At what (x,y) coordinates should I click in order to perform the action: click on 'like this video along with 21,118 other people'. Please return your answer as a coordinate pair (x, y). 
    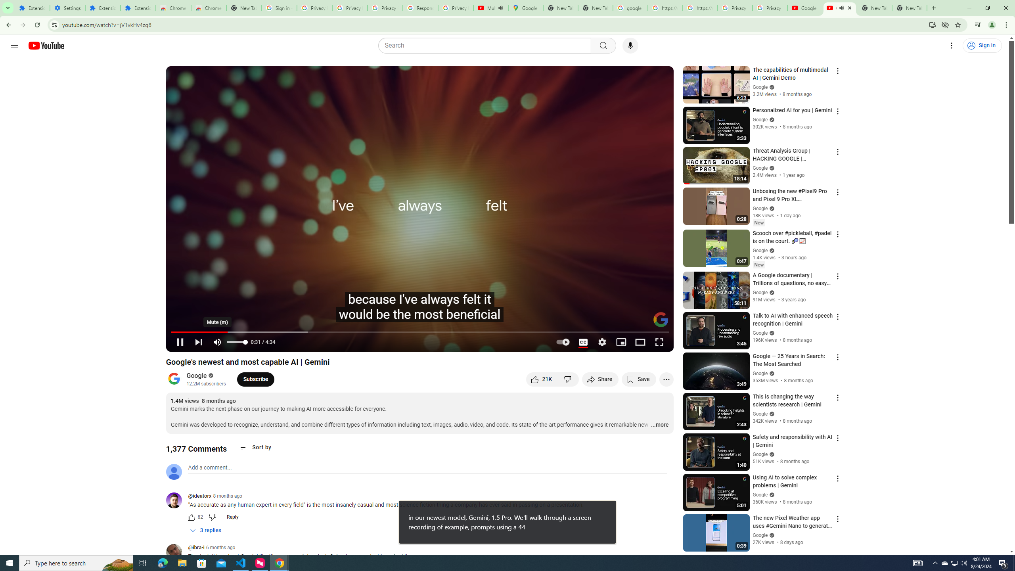
    Looking at the image, I should click on (542, 379).